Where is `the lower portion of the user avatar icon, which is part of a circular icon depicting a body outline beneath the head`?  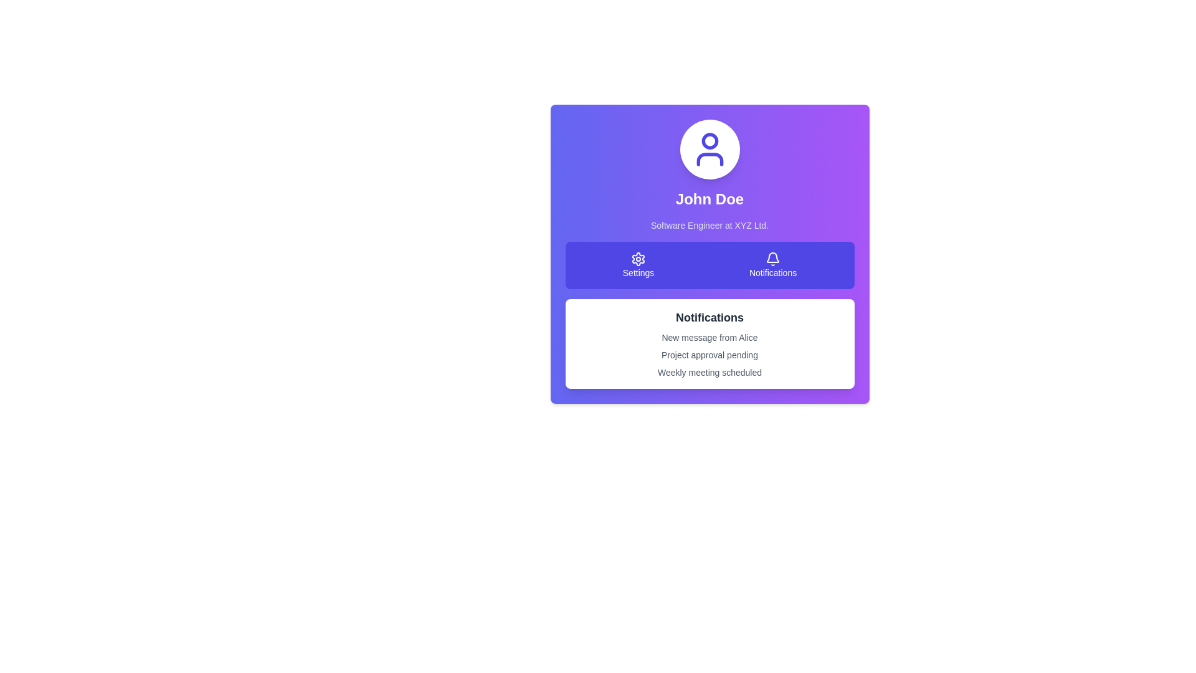
the lower portion of the user avatar icon, which is part of a circular icon depicting a body outline beneath the head is located at coordinates (710, 158).